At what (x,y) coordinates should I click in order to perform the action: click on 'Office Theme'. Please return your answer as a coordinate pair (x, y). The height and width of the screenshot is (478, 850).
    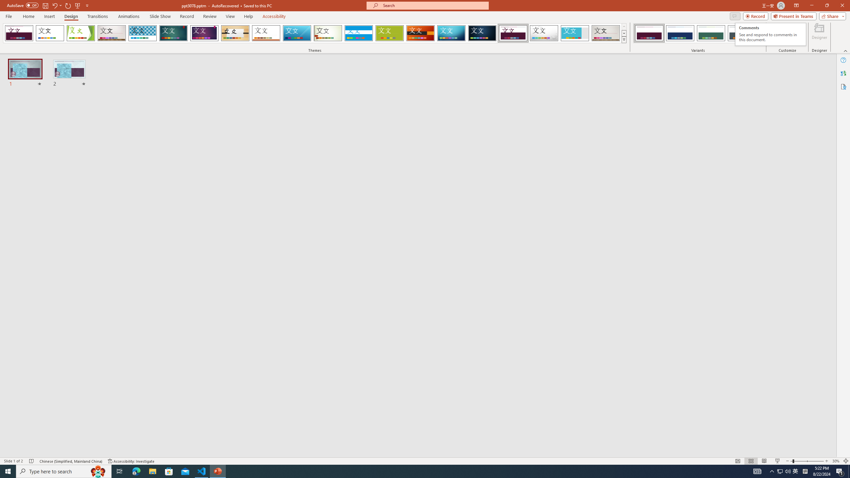
    Looking at the image, I should click on (50, 33).